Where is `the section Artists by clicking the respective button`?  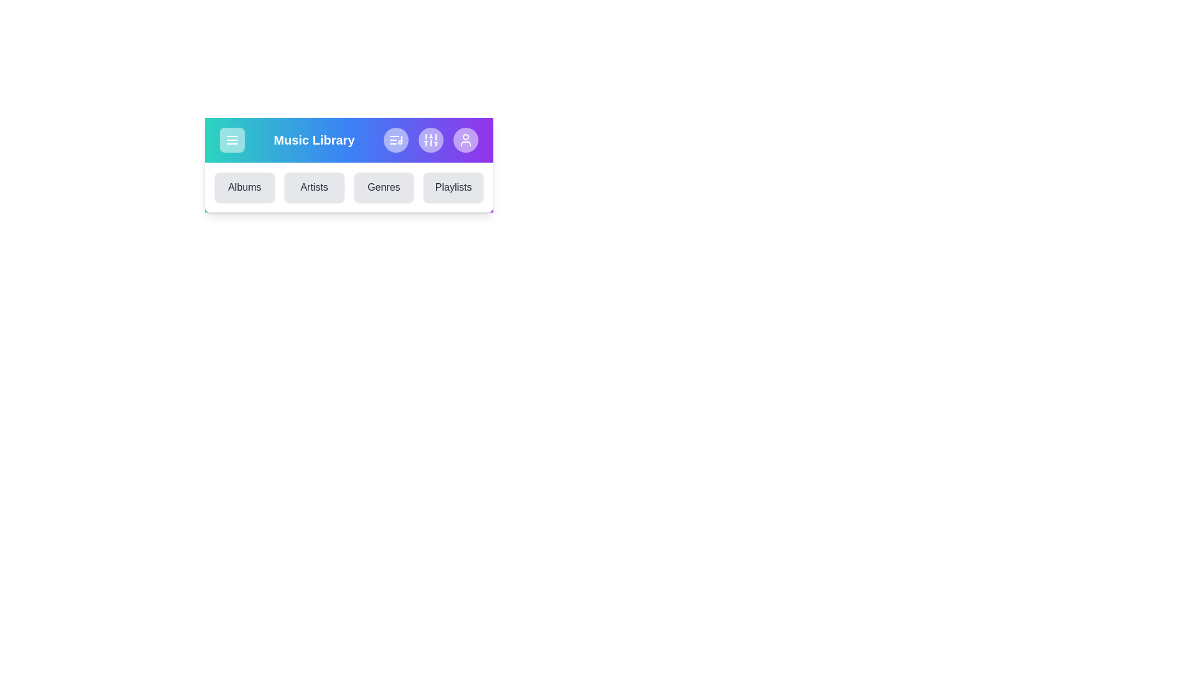 the section Artists by clicking the respective button is located at coordinates (314, 187).